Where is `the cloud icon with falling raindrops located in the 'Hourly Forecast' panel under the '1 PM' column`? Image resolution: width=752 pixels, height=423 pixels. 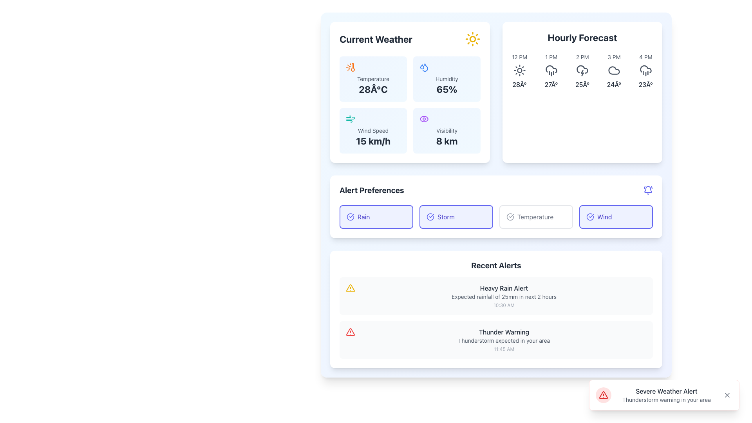
the cloud icon with falling raindrops located in the 'Hourly Forecast' panel under the '1 PM' column is located at coordinates (551, 70).